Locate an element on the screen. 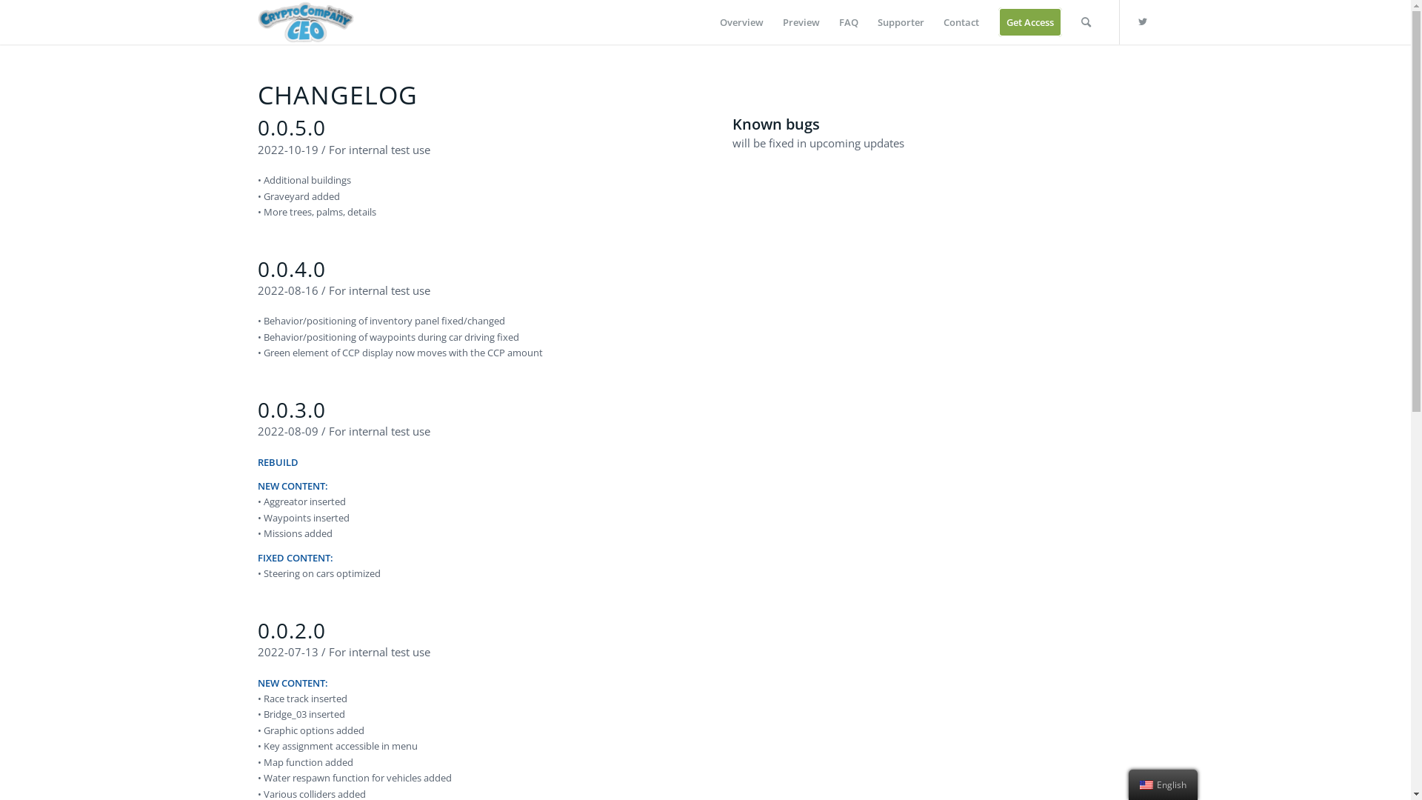  'Preview' is located at coordinates (800, 22).